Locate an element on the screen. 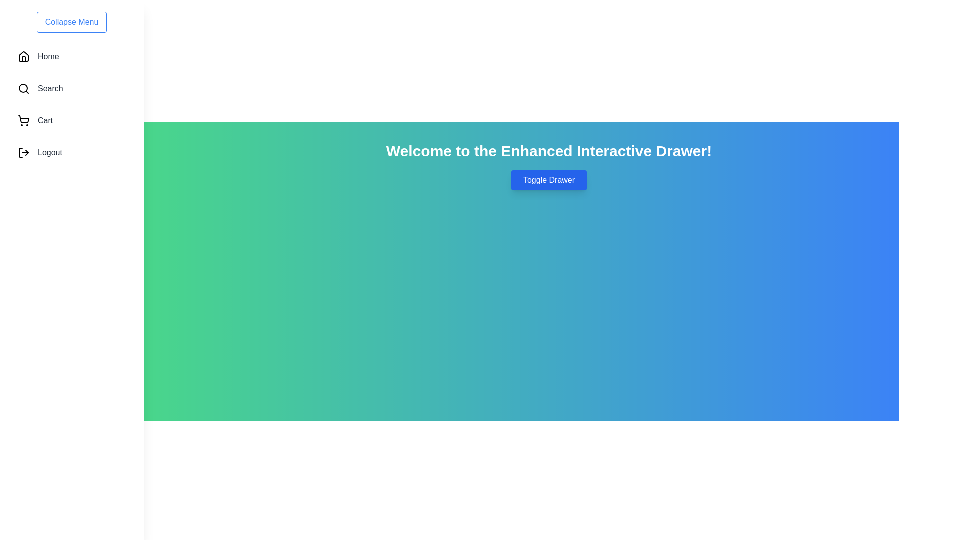 This screenshot has height=540, width=960. the 'Home' menu item in the drawer is located at coordinates (71, 57).